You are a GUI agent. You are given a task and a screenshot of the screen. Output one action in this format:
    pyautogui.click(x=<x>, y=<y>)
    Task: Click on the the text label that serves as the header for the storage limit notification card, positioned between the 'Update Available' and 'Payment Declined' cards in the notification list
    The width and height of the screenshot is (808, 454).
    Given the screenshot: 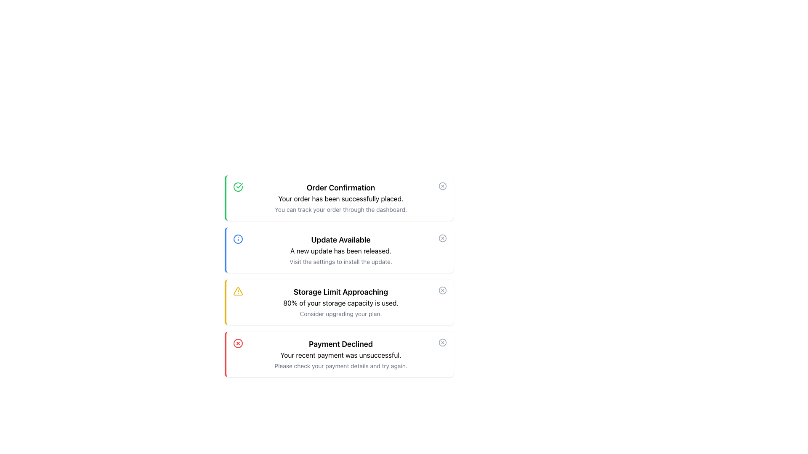 What is the action you would take?
    pyautogui.click(x=341, y=291)
    